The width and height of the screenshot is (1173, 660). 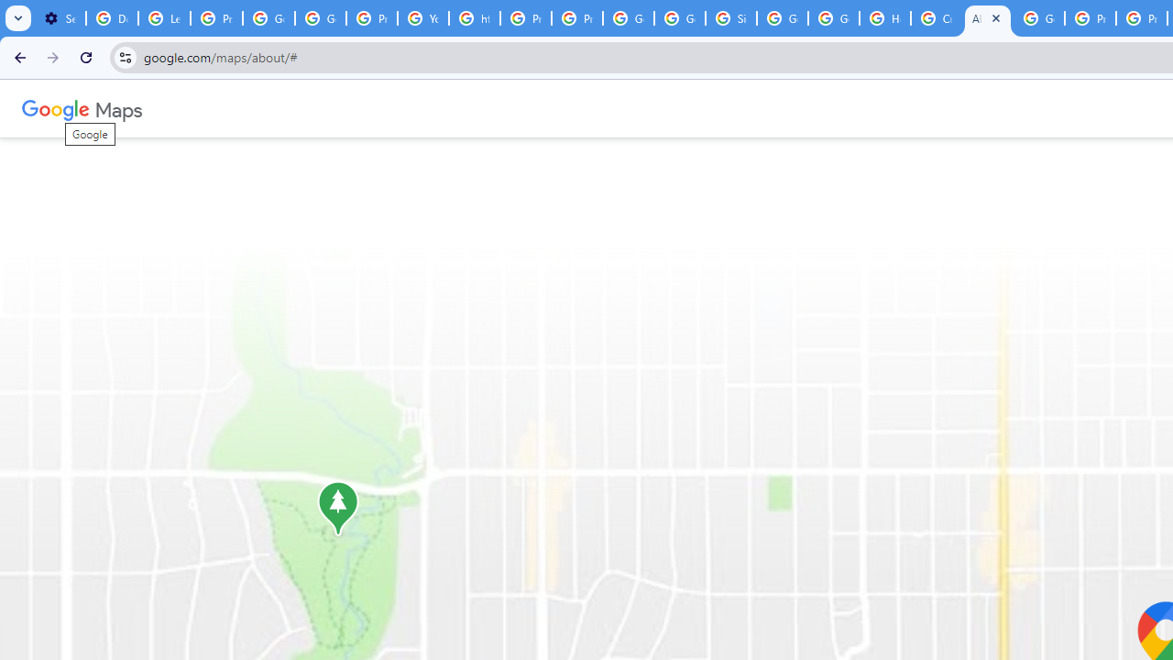 I want to click on 'Reload', so click(x=85, y=56).